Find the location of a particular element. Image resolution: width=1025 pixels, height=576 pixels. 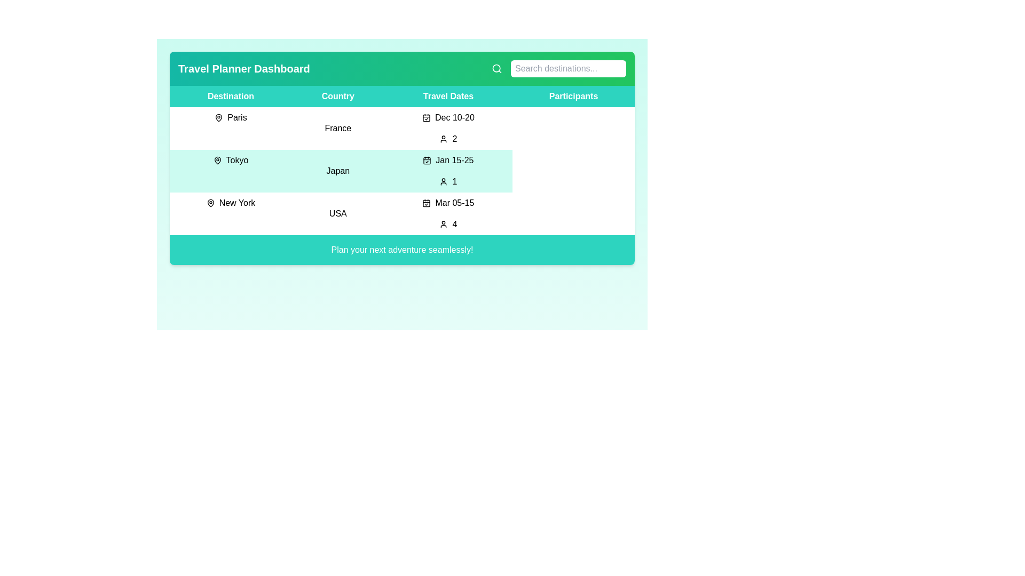

the label representing the destination 'New York' in the first column of the table, which is the third row under the header 'Destination' is located at coordinates (230, 203).